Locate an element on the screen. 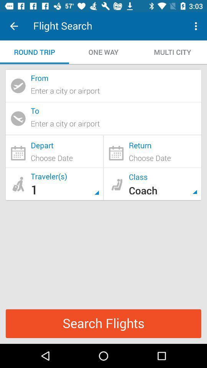 The height and width of the screenshot is (368, 207). item to the left of one way item is located at coordinates (34, 52).